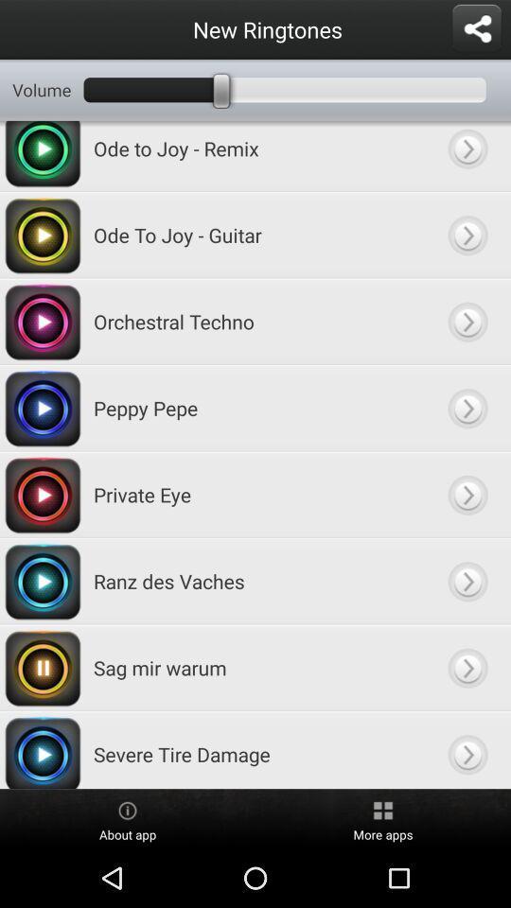 This screenshot has width=511, height=908. What do you see at coordinates (467, 155) in the screenshot?
I see `favorited` at bounding box center [467, 155].